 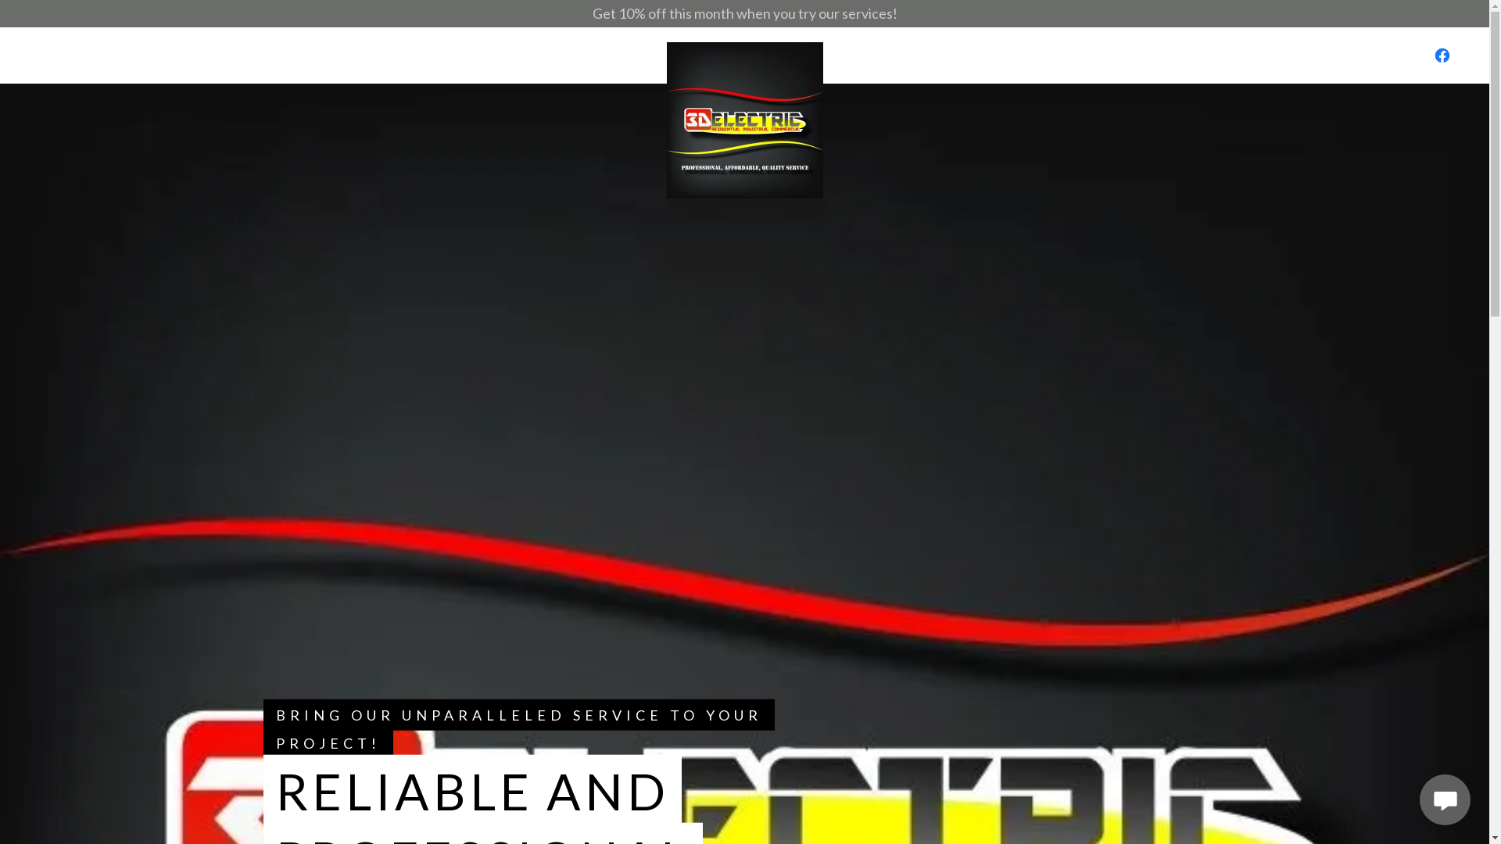 What do you see at coordinates (743, 54) in the screenshot?
I see `'3D Electric'` at bounding box center [743, 54].